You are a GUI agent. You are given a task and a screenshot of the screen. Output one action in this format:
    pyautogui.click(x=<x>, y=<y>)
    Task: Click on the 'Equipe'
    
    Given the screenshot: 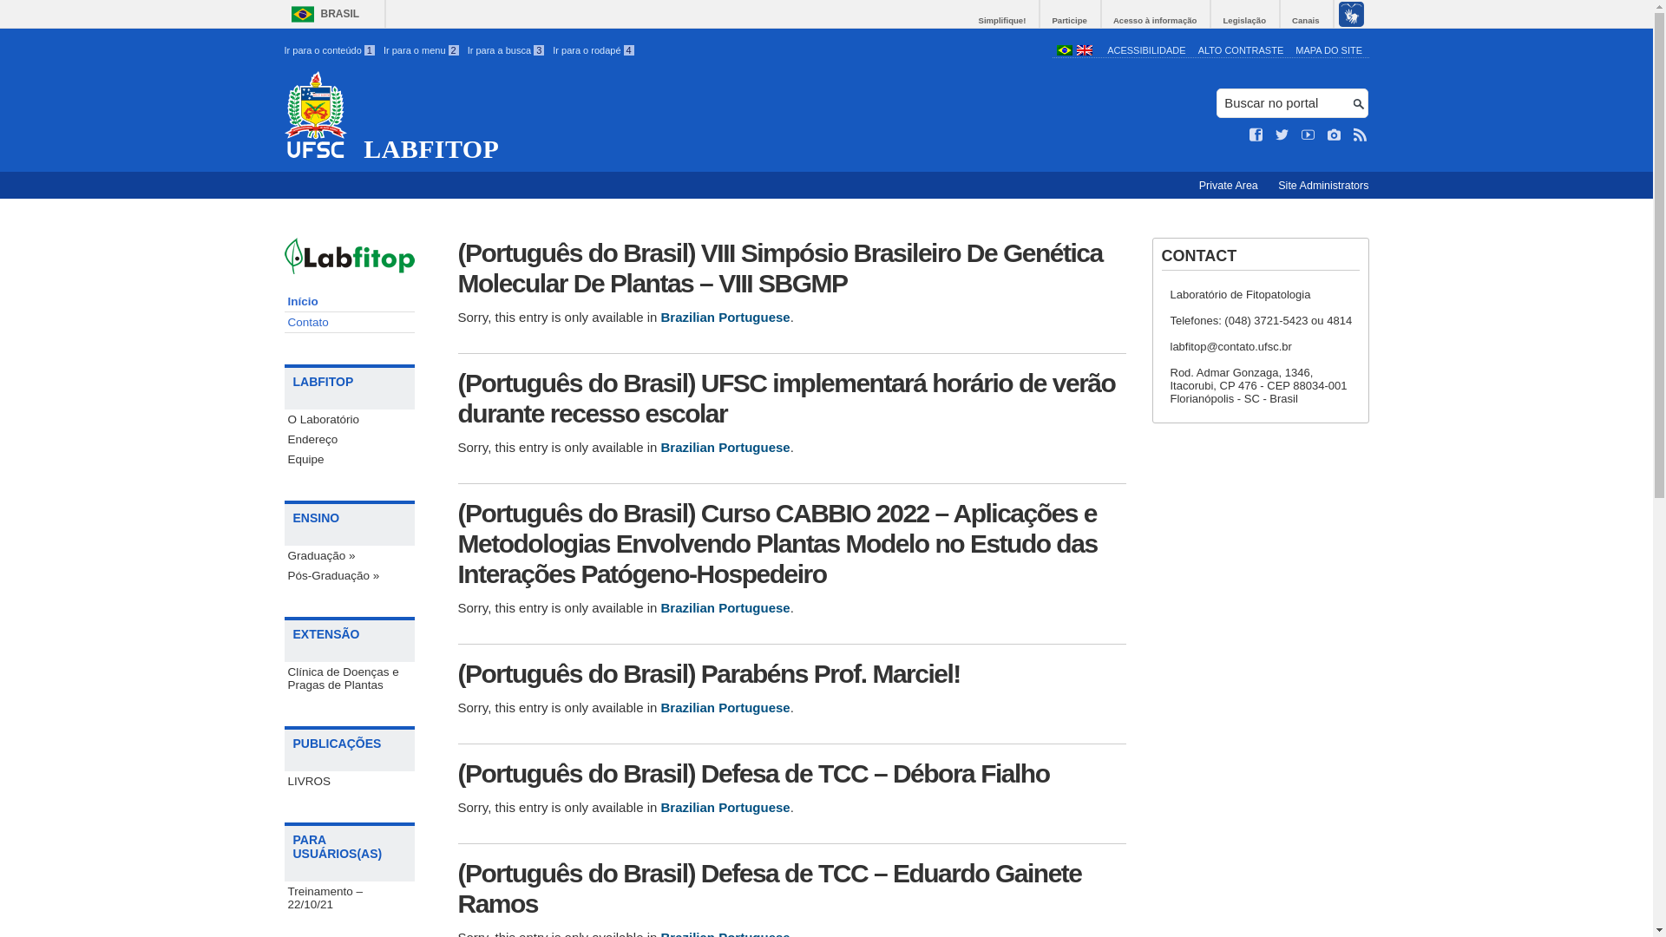 What is the action you would take?
    pyautogui.click(x=349, y=458)
    